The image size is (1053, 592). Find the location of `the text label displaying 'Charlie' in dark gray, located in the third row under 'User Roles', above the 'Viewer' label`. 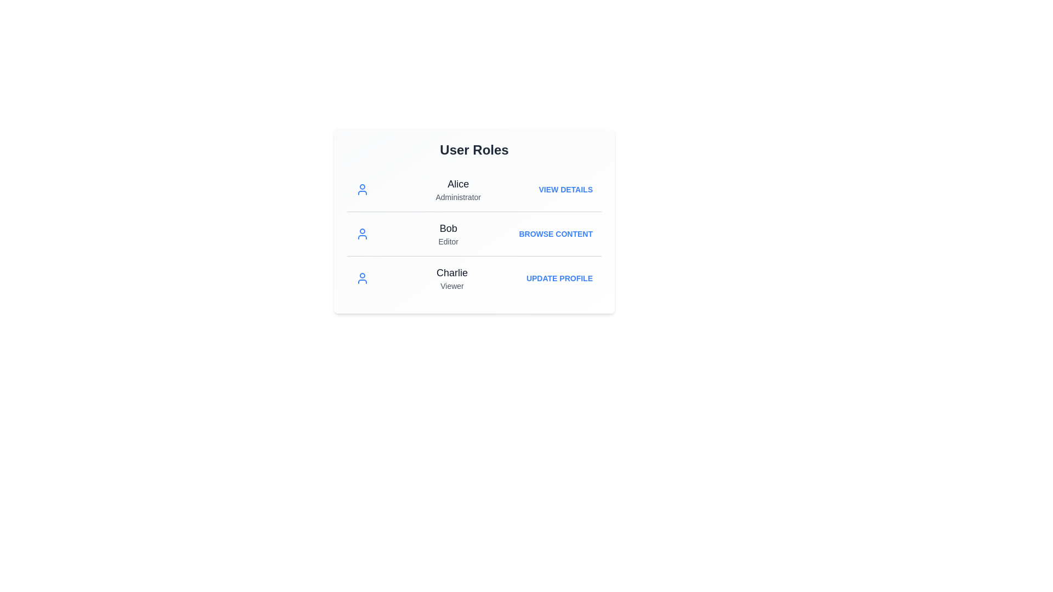

the text label displaying 'Charlie' in dark gray, located in the third row under 'User Roles', above the 'Viewer' label is located at coordinates (452, 272).